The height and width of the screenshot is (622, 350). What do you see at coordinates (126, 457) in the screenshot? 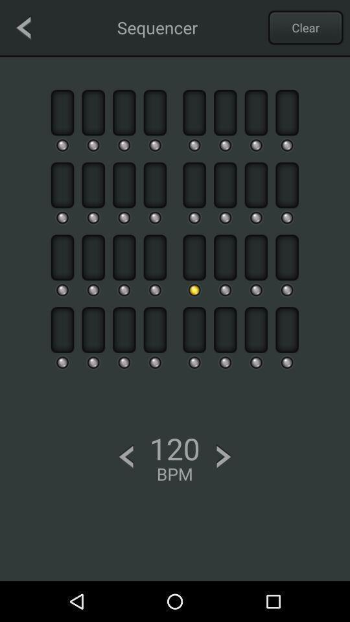
I see `the arrow_backward icon` at bounding box center [126, 457].